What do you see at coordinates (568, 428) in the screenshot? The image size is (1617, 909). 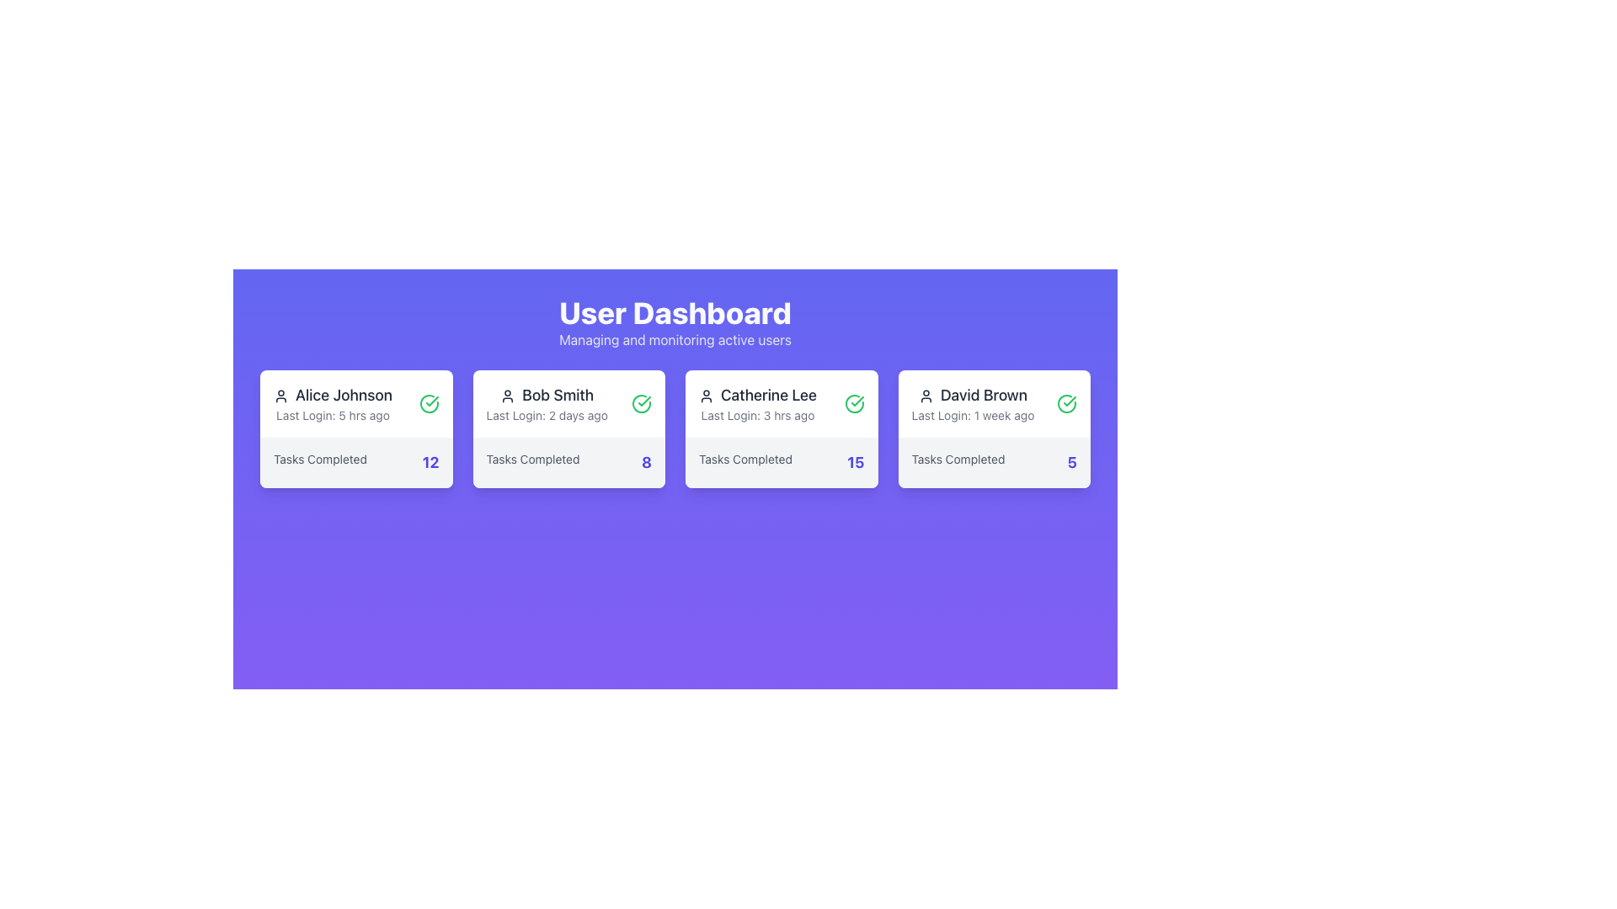 I see `the second informational card in the user dashboard that displays user summary information, located between 'Alice Johnson' and 'Catherine Lee'` at bounding box center [568, 428].